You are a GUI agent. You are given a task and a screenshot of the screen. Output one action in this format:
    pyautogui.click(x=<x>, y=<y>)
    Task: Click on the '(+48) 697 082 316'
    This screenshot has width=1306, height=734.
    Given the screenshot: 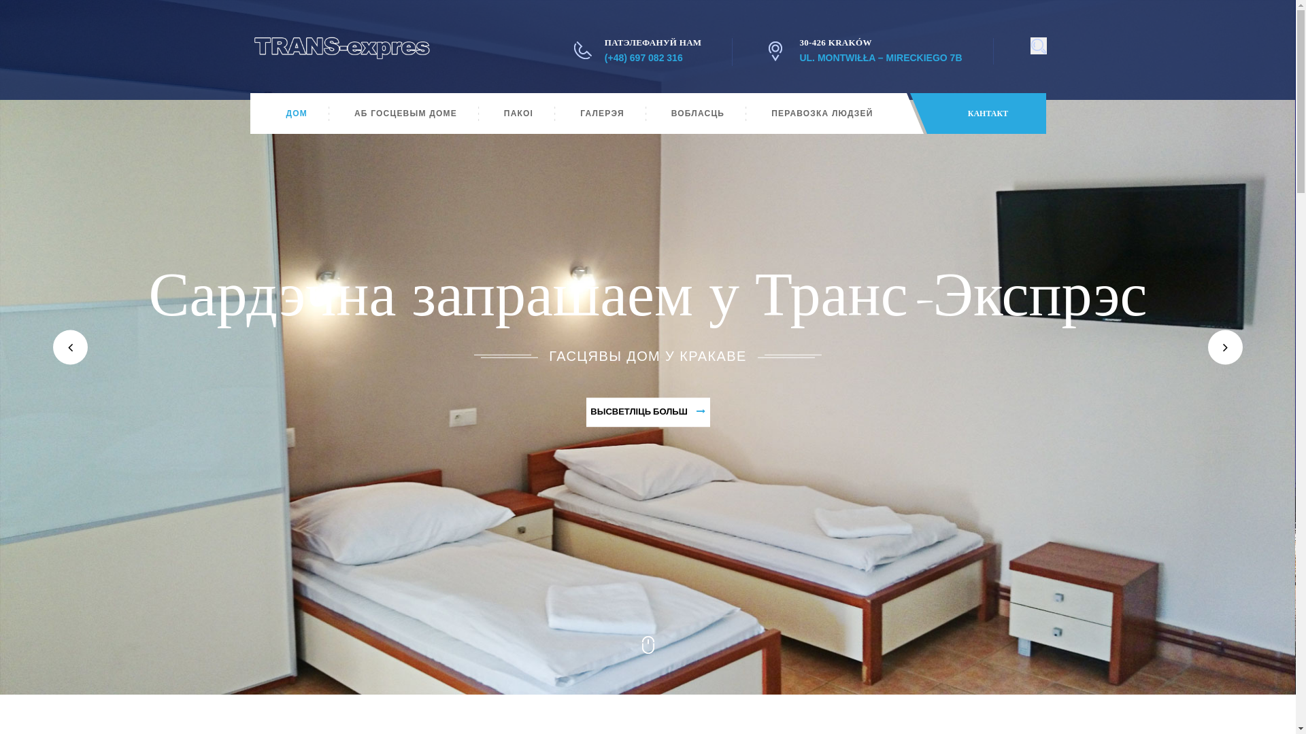 What is the action you would take?
    pyautogui.click(x=643, y=56)
    